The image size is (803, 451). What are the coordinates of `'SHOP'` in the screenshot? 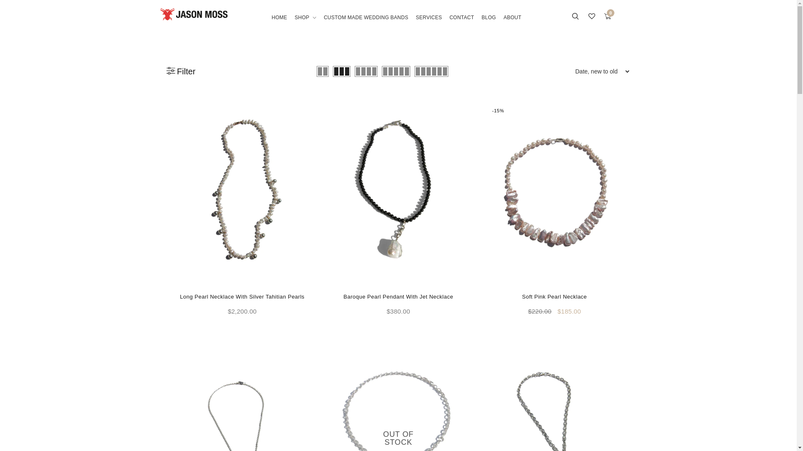 It's located at (305, 23).